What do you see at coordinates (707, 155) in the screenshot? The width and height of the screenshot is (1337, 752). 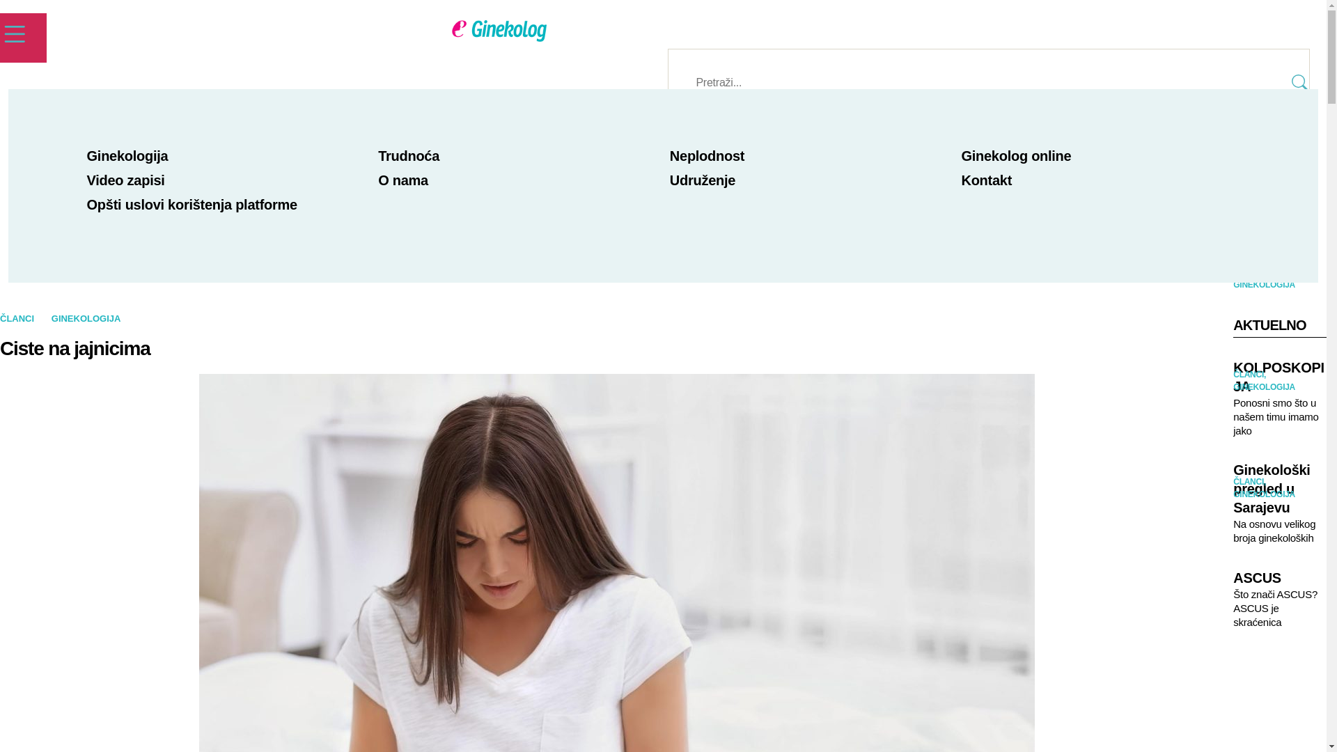 I see `'Neplodnost'` at bounding box center [707, 155].